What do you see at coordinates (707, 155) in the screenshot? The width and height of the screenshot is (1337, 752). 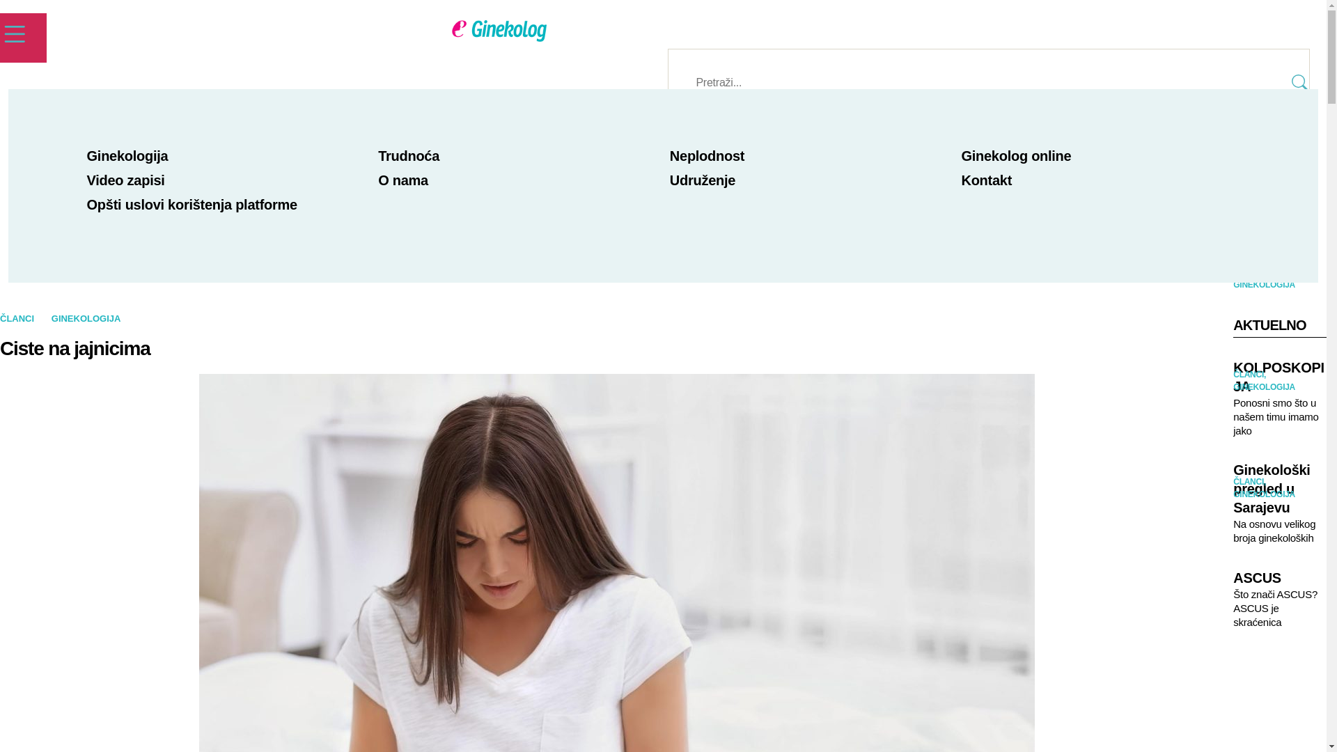 I see `'Neplodnost'` at bounding box center [707, 155].